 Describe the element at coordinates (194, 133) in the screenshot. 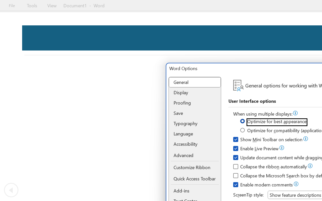

I see `'Language'` at that location.